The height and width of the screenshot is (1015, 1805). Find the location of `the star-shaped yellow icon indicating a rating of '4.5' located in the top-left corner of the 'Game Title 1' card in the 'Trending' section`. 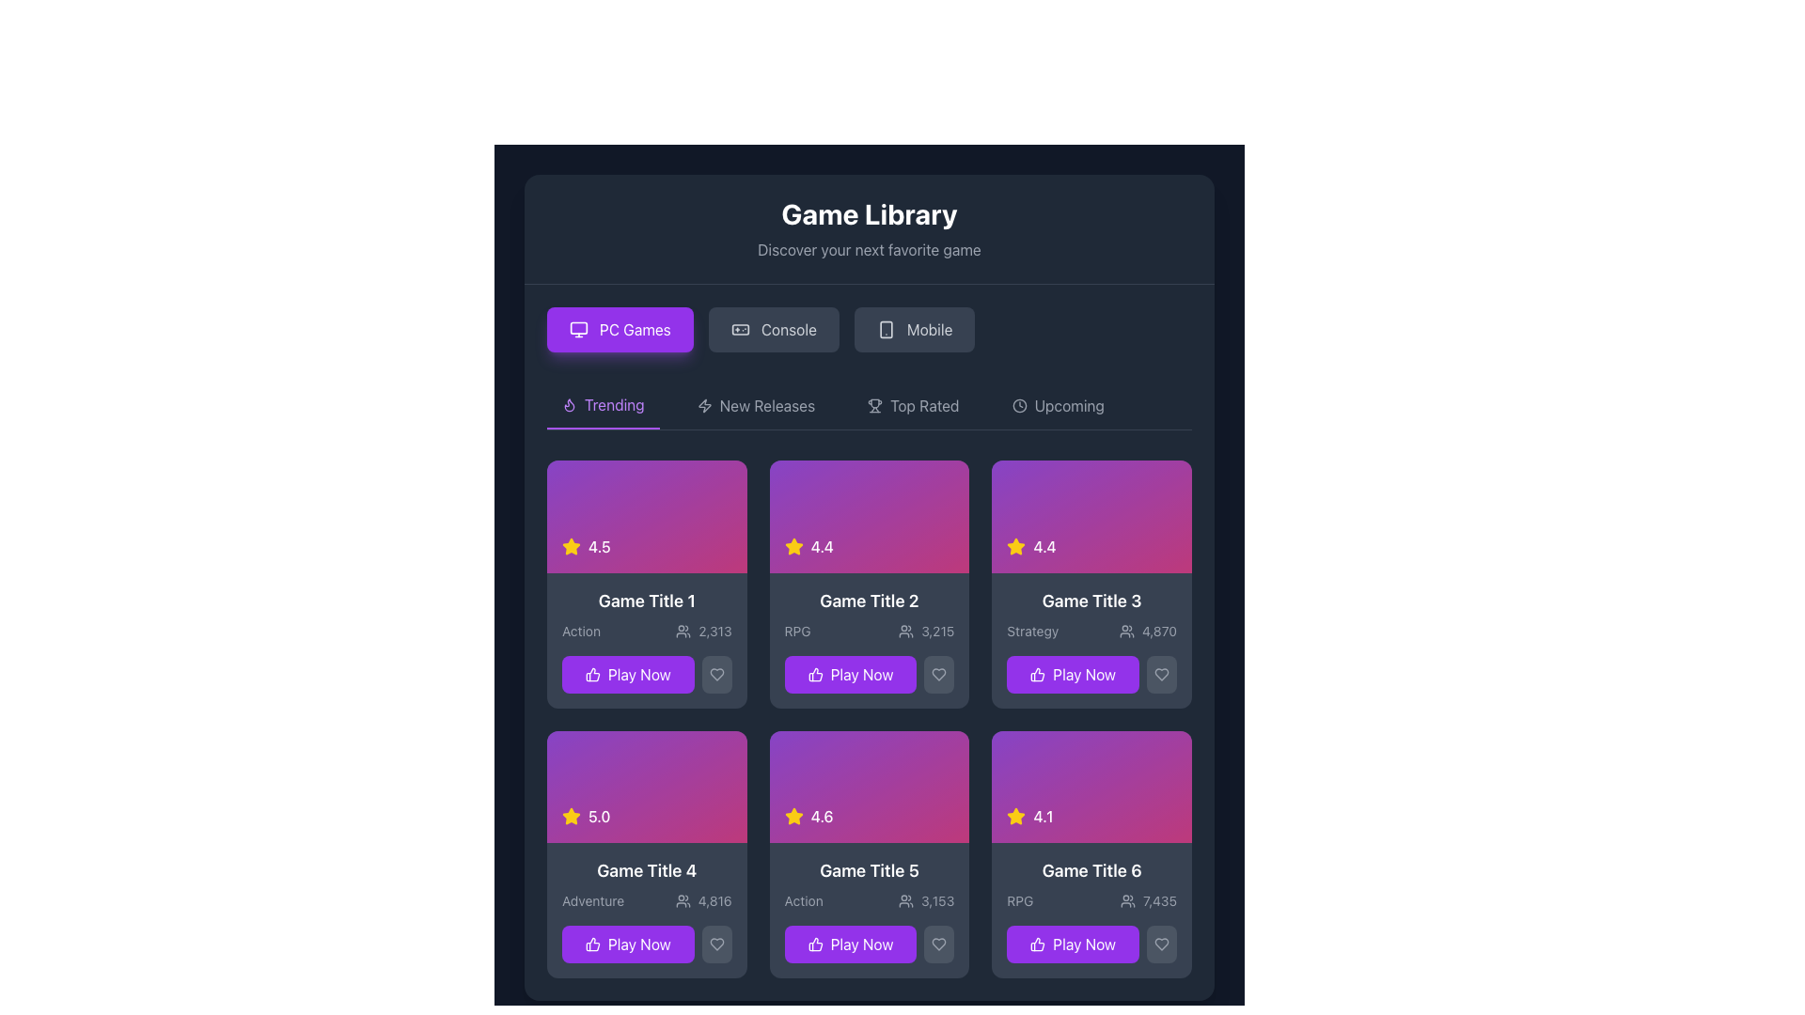

the star-shaped yellow icon indicating a rating of '4.5' located in the top-left corner of the 'Game Title 1' card in the 'Trending' section is located at coordinates (571, 546).